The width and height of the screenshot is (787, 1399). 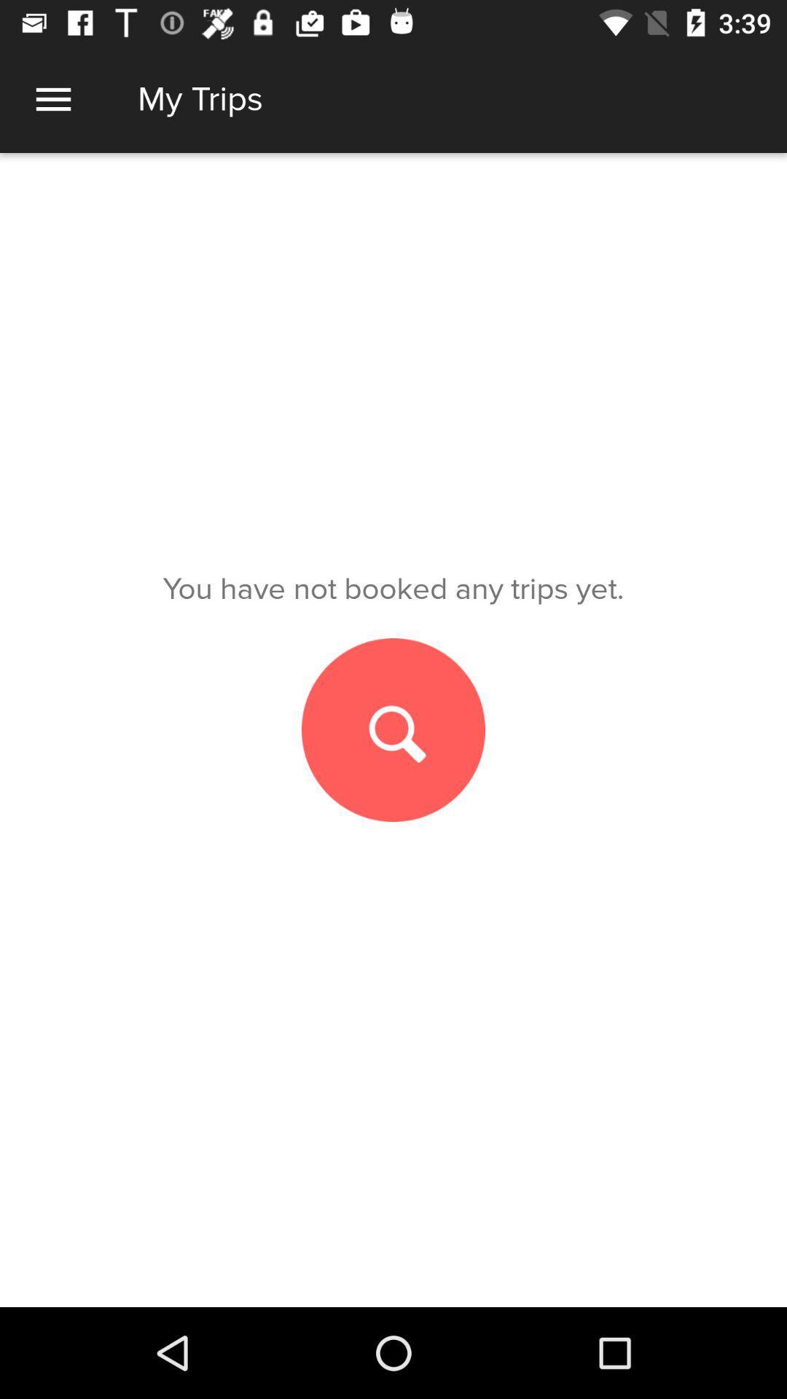 What do you see at coordinates (52, 98) in the screenshot?
I see `the icon to the left of my trips` at bounding box center [52, 98].